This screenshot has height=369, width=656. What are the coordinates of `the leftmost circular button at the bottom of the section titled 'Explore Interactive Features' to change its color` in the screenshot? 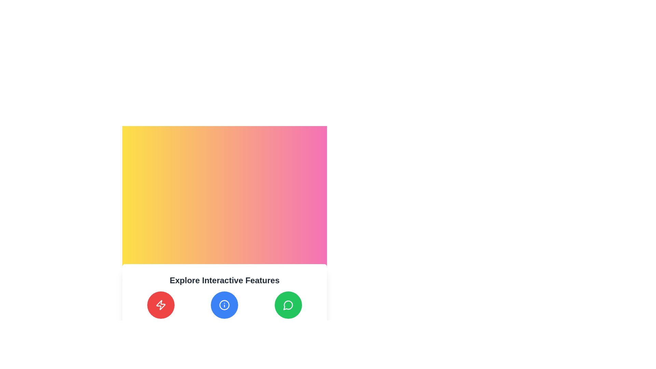 It's located at (161, 305).